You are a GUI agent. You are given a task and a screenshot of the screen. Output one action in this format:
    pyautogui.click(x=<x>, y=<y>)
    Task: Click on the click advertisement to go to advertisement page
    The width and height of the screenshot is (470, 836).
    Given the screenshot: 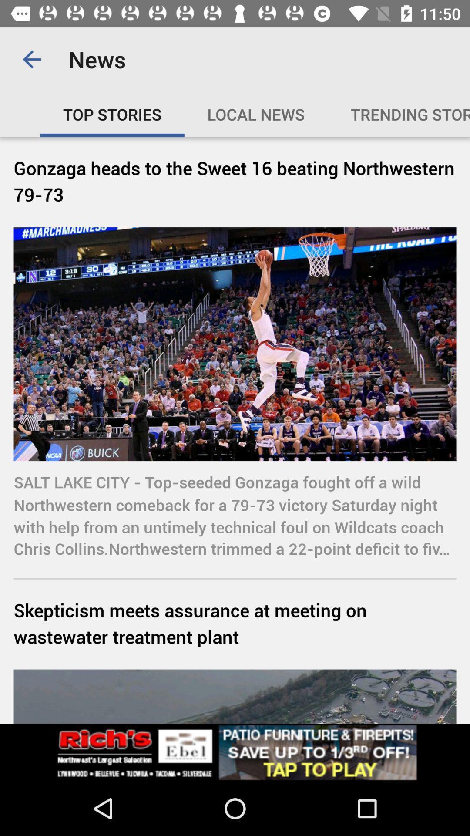 What is the action you would take?
    pyautogui.click(x=235, y=752)
    